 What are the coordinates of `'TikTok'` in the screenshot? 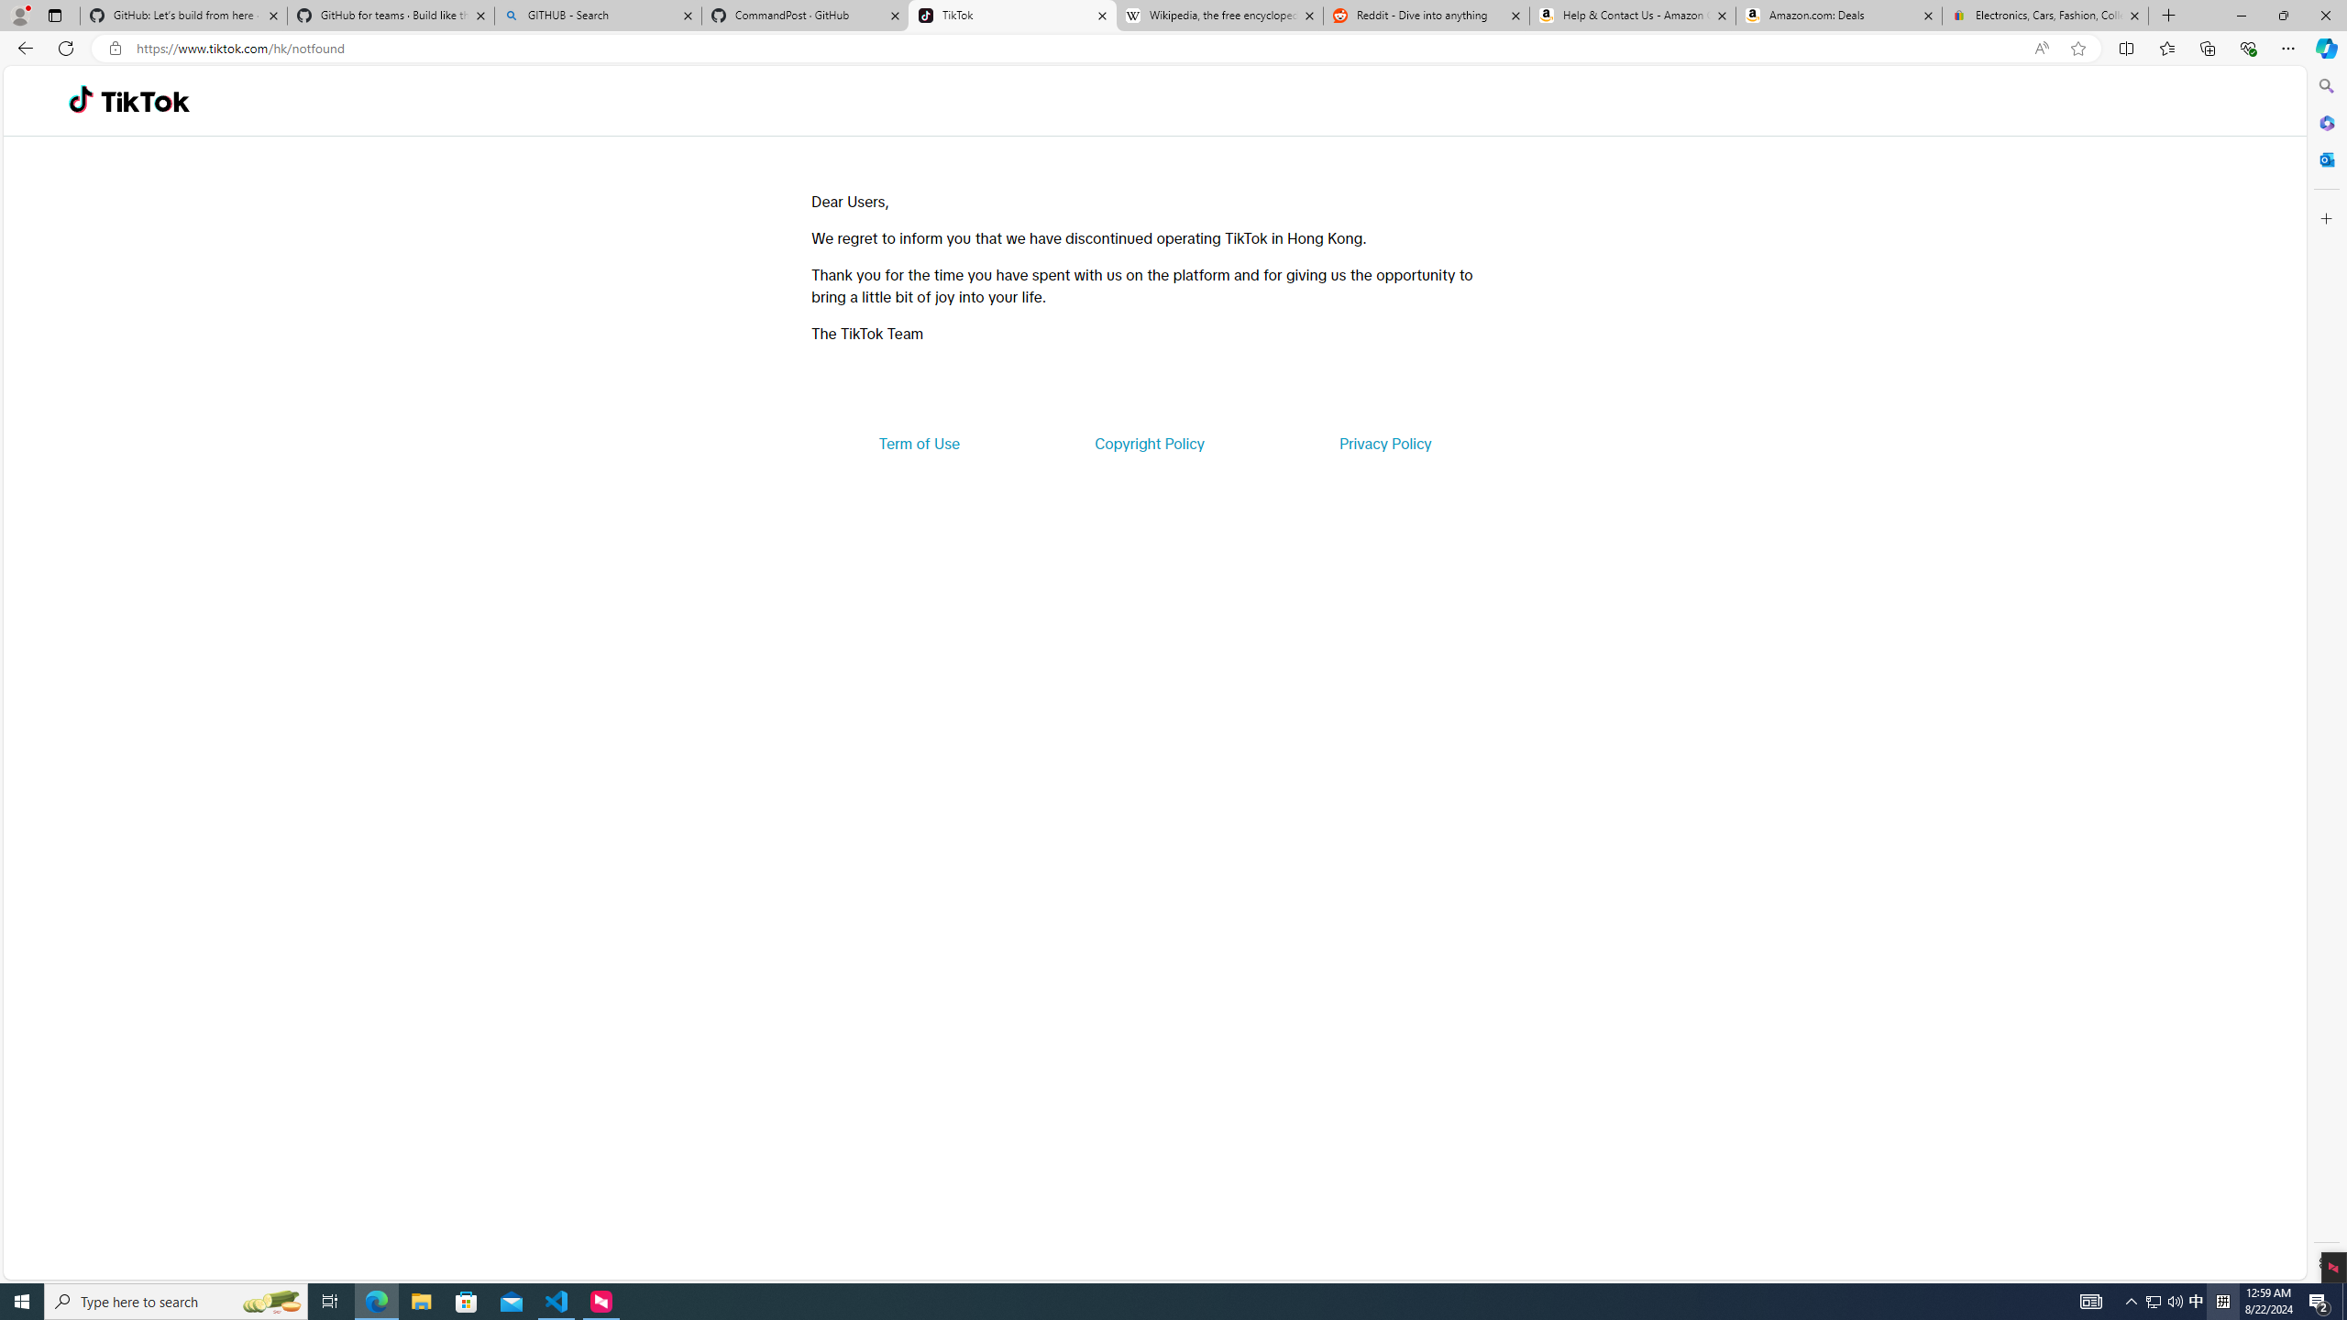 It's located at (145, 101).